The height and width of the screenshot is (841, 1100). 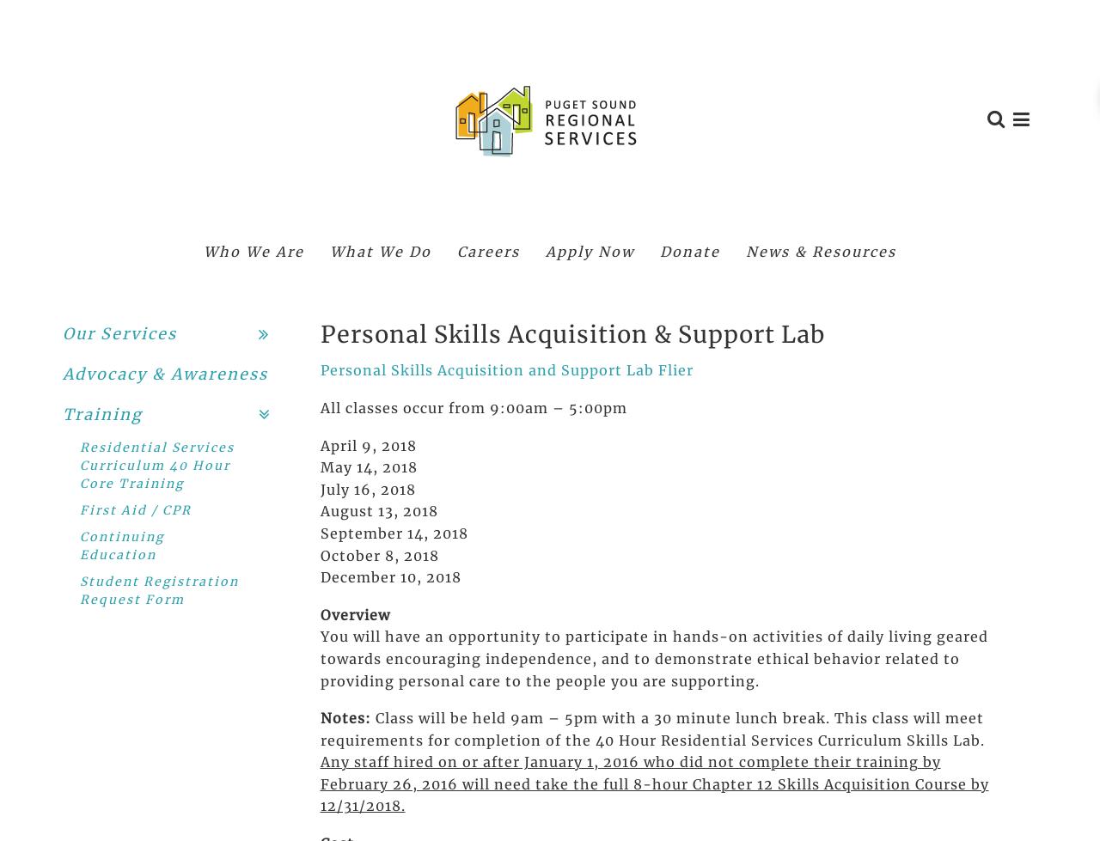 I want to click on 'May 14, 2018', so click(x=367, y=466).